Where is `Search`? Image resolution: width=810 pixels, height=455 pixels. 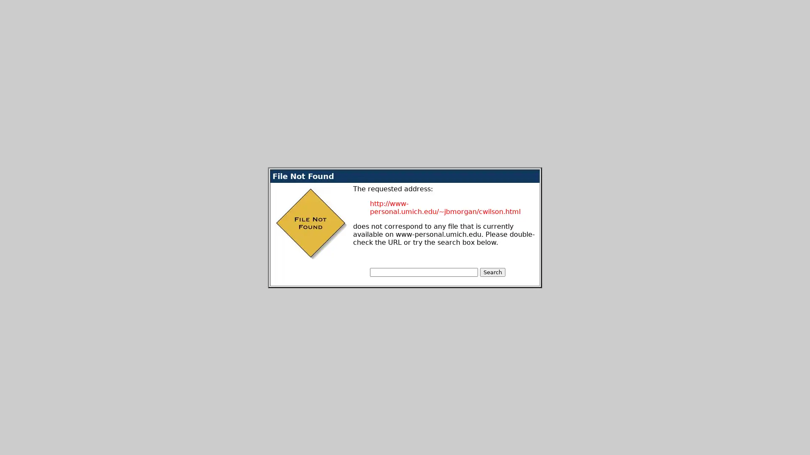
Search is located at coordinates (492, 272).